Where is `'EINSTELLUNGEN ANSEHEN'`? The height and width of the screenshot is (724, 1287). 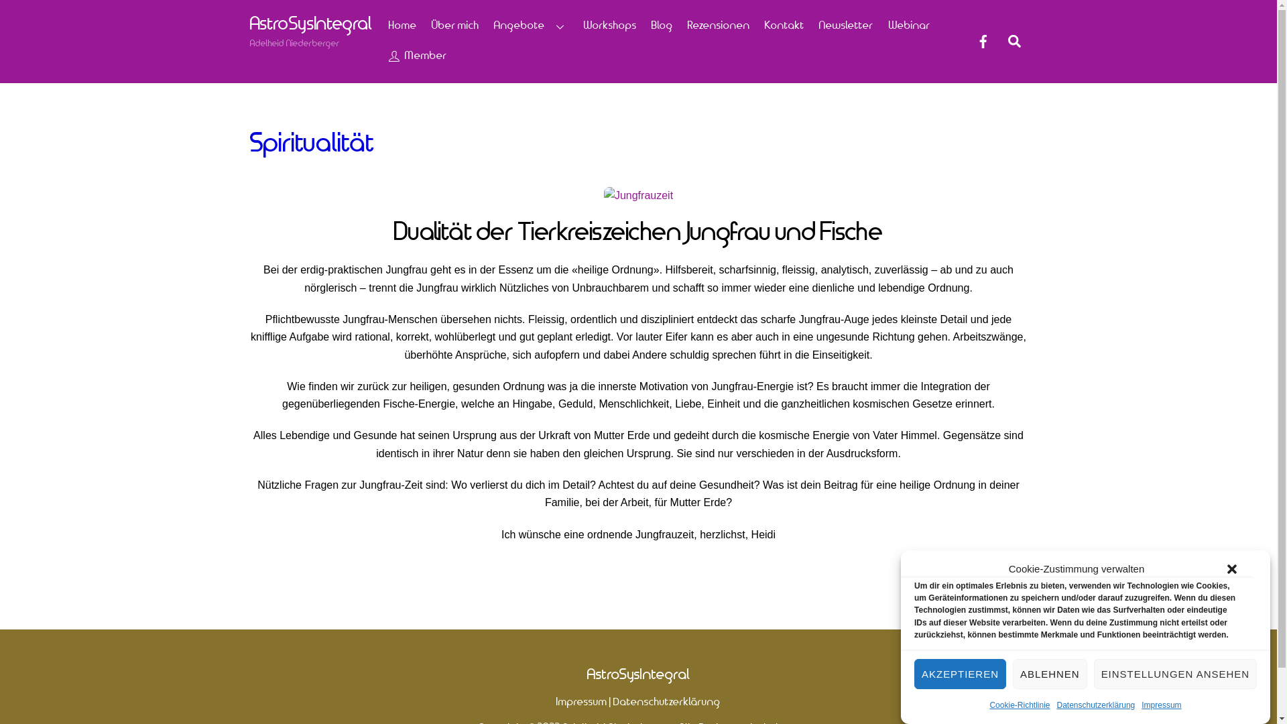 'EINSTELLUNGEN ANSEHEN' is located at coordinates (1174, 674).